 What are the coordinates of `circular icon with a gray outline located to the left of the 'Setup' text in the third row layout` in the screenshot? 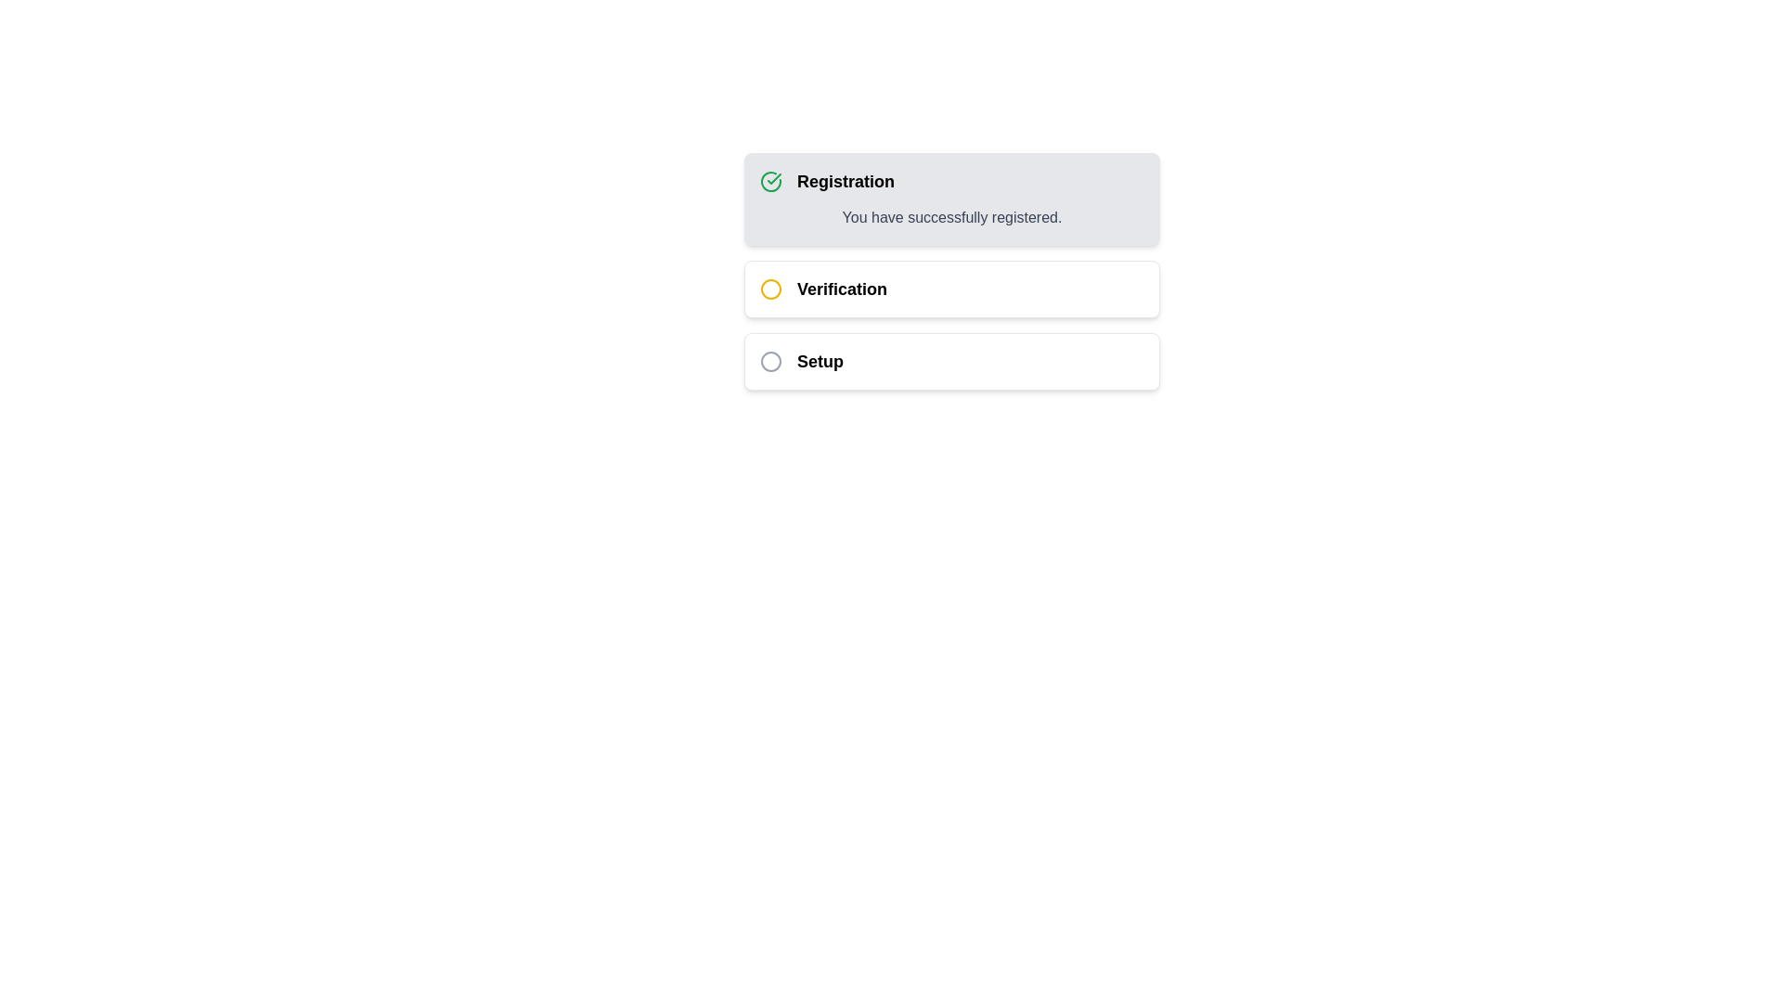 It's located at (770, 361).